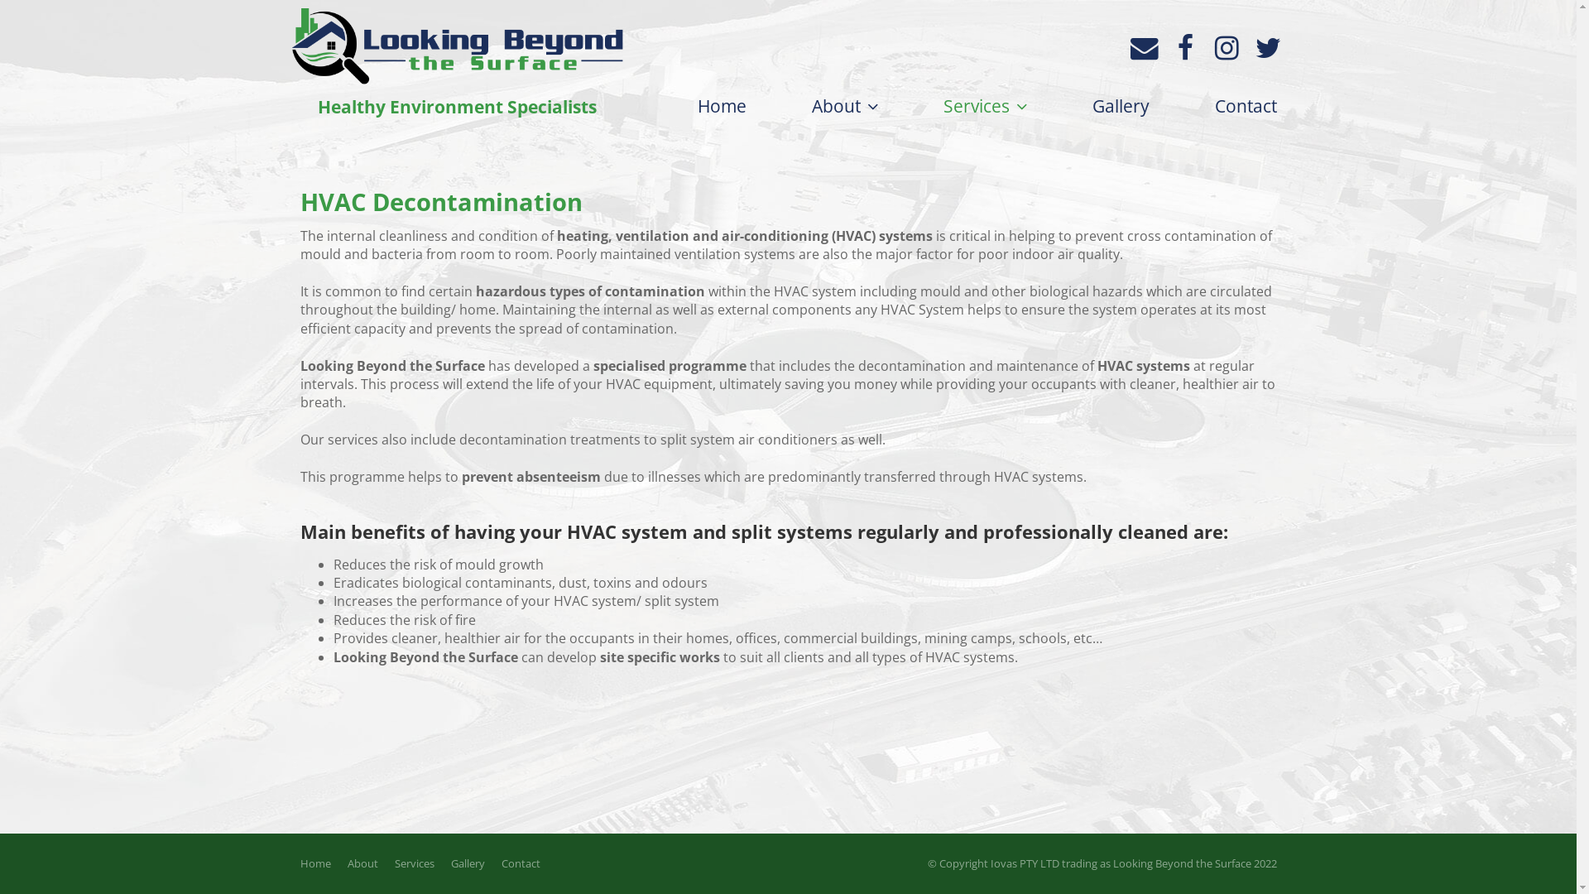  Describe the element at coordinates (290, 65) in the screenshot. I see `'Healthy Environment Specialists'` at that location.